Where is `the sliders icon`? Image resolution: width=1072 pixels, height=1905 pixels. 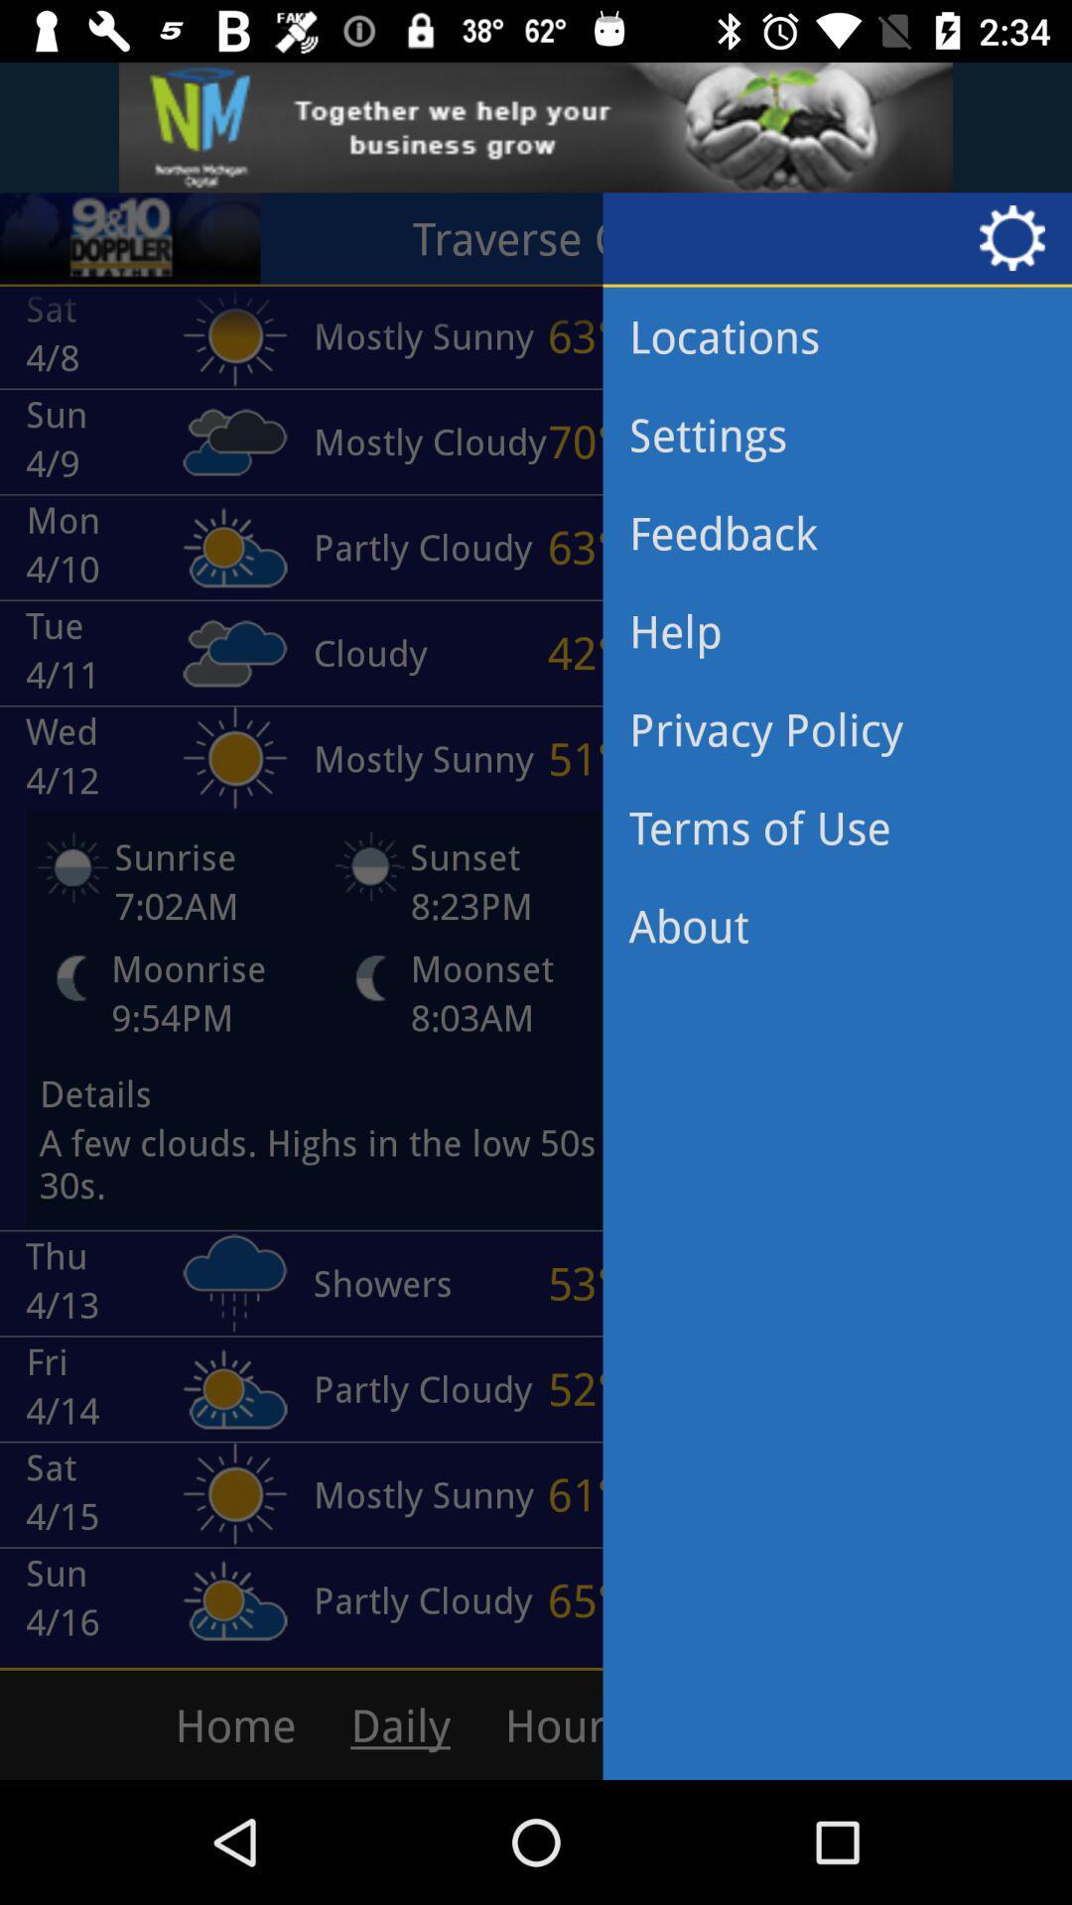
the sliders icon is located at coordinates (130, 238).